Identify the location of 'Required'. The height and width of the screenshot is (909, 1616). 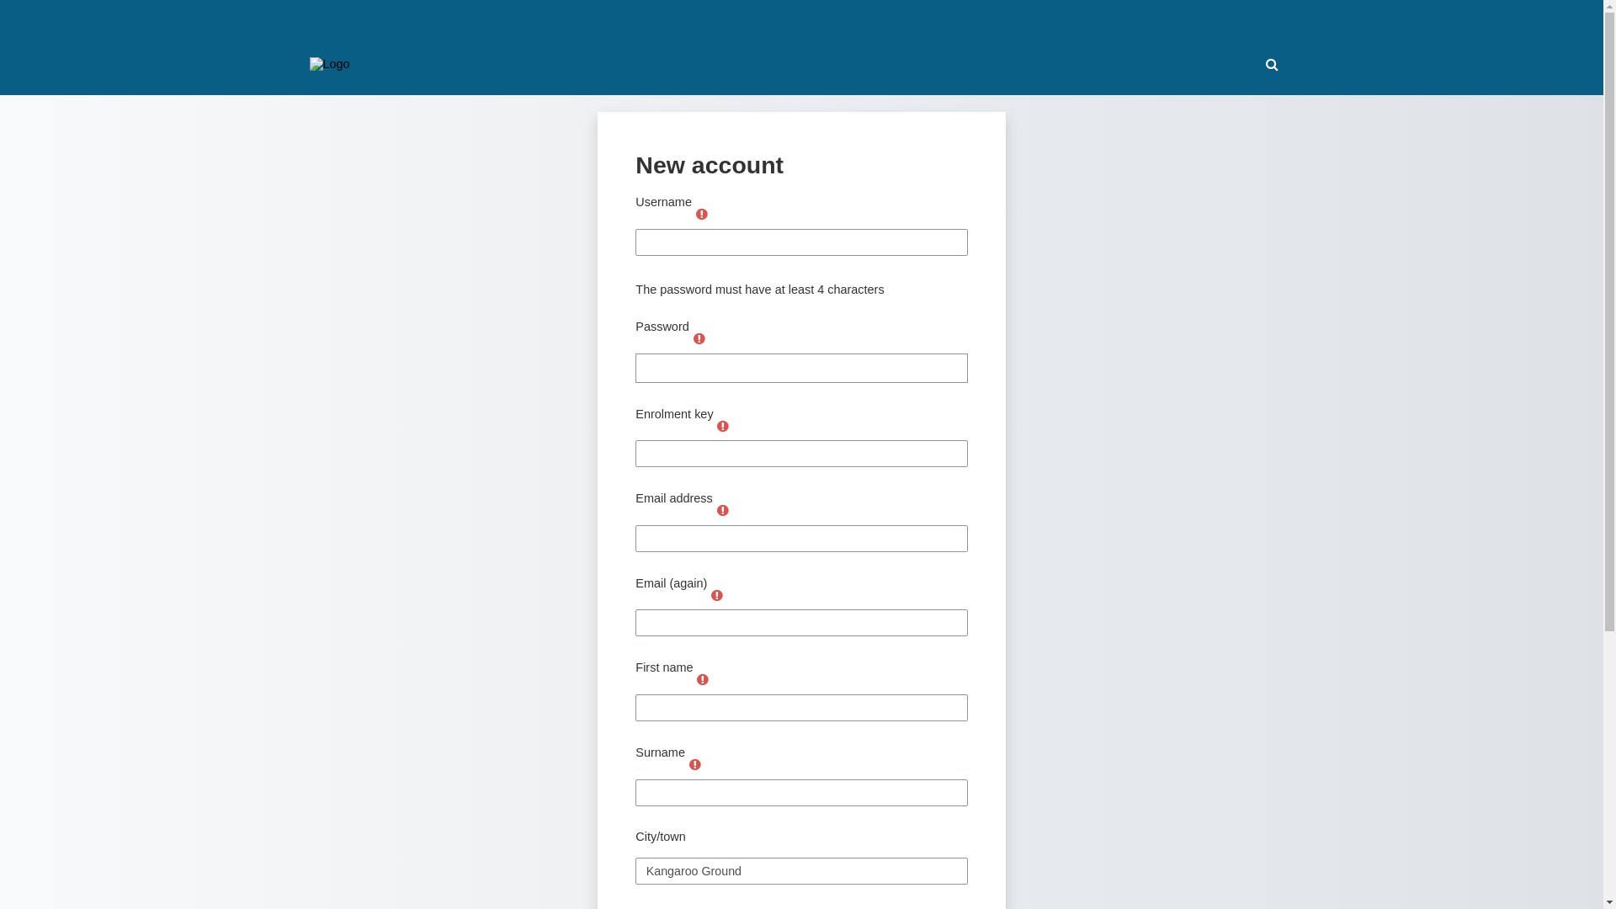
(702, 211).